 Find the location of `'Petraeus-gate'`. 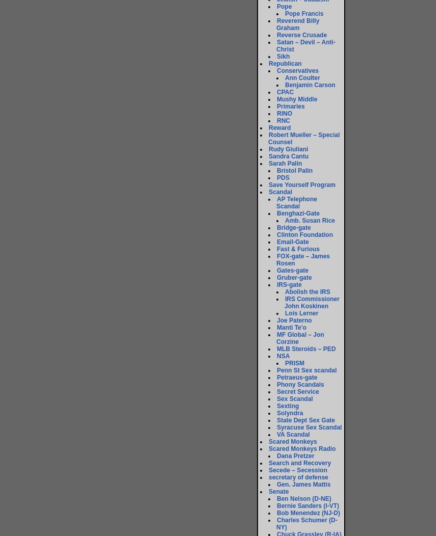

'Petraeus-gate' is located at coordinates (296, 378).